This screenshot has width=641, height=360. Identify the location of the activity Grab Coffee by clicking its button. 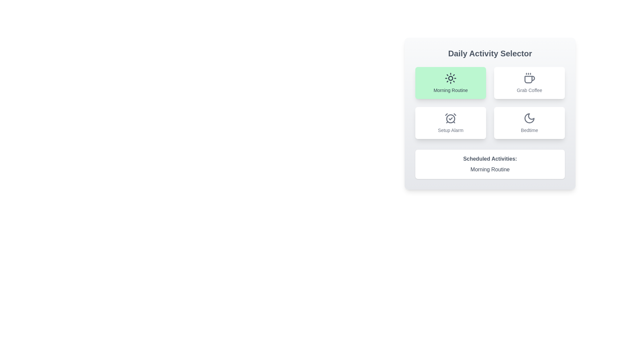
(529, 83).